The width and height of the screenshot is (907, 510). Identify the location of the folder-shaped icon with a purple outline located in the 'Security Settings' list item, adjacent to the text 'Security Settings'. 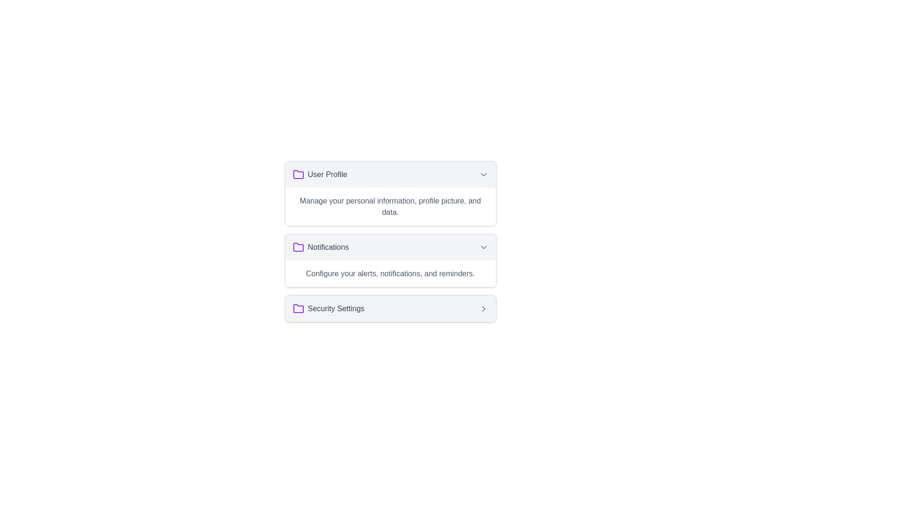
(298, 309).